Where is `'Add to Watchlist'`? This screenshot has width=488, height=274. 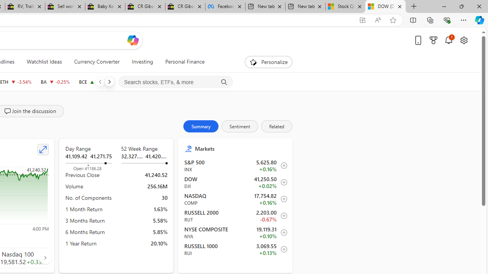 'Add to Watchlist' is located at coordinates (281, 249).